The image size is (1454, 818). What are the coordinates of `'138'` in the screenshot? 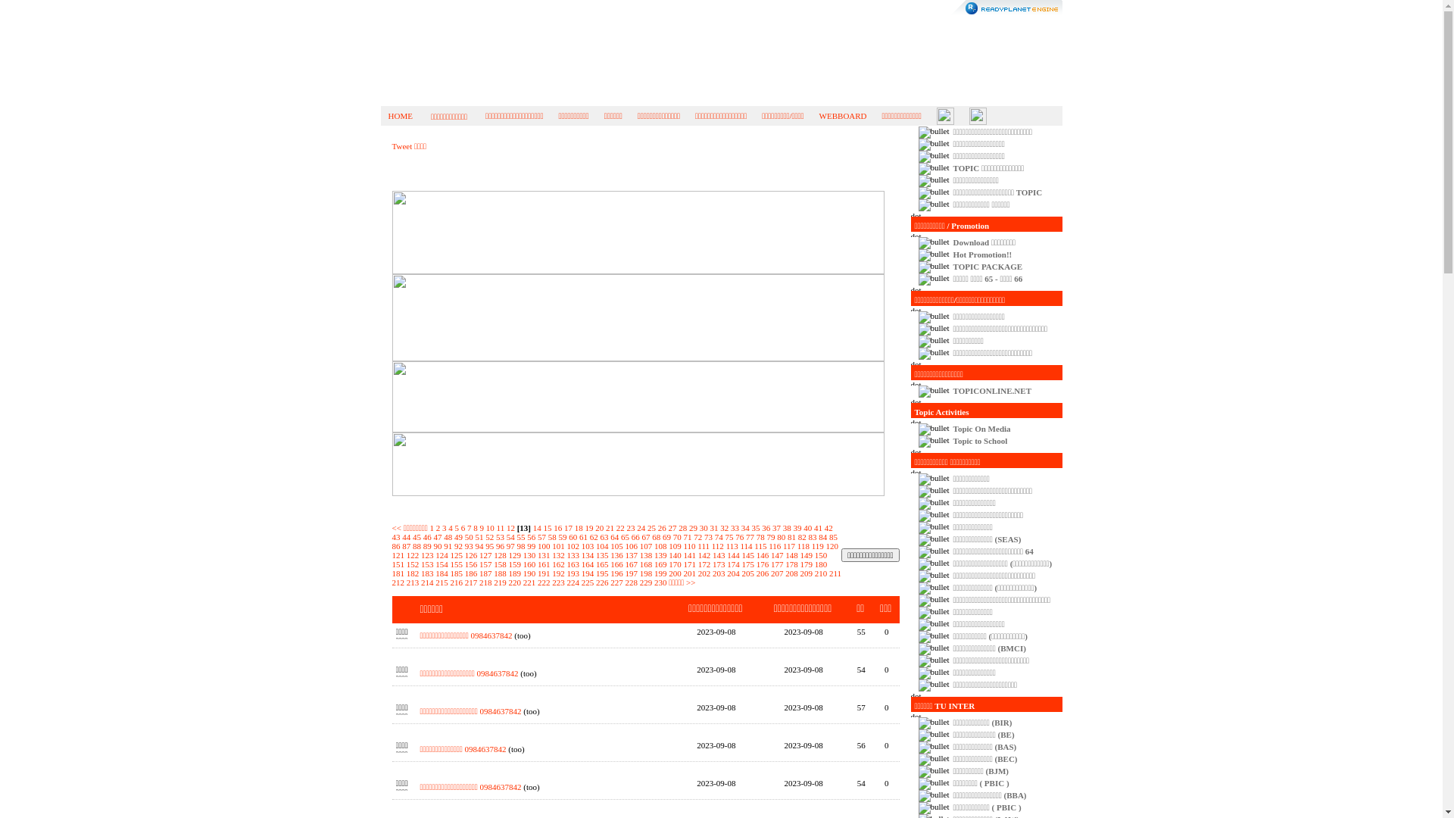 It's located at (646, 554).